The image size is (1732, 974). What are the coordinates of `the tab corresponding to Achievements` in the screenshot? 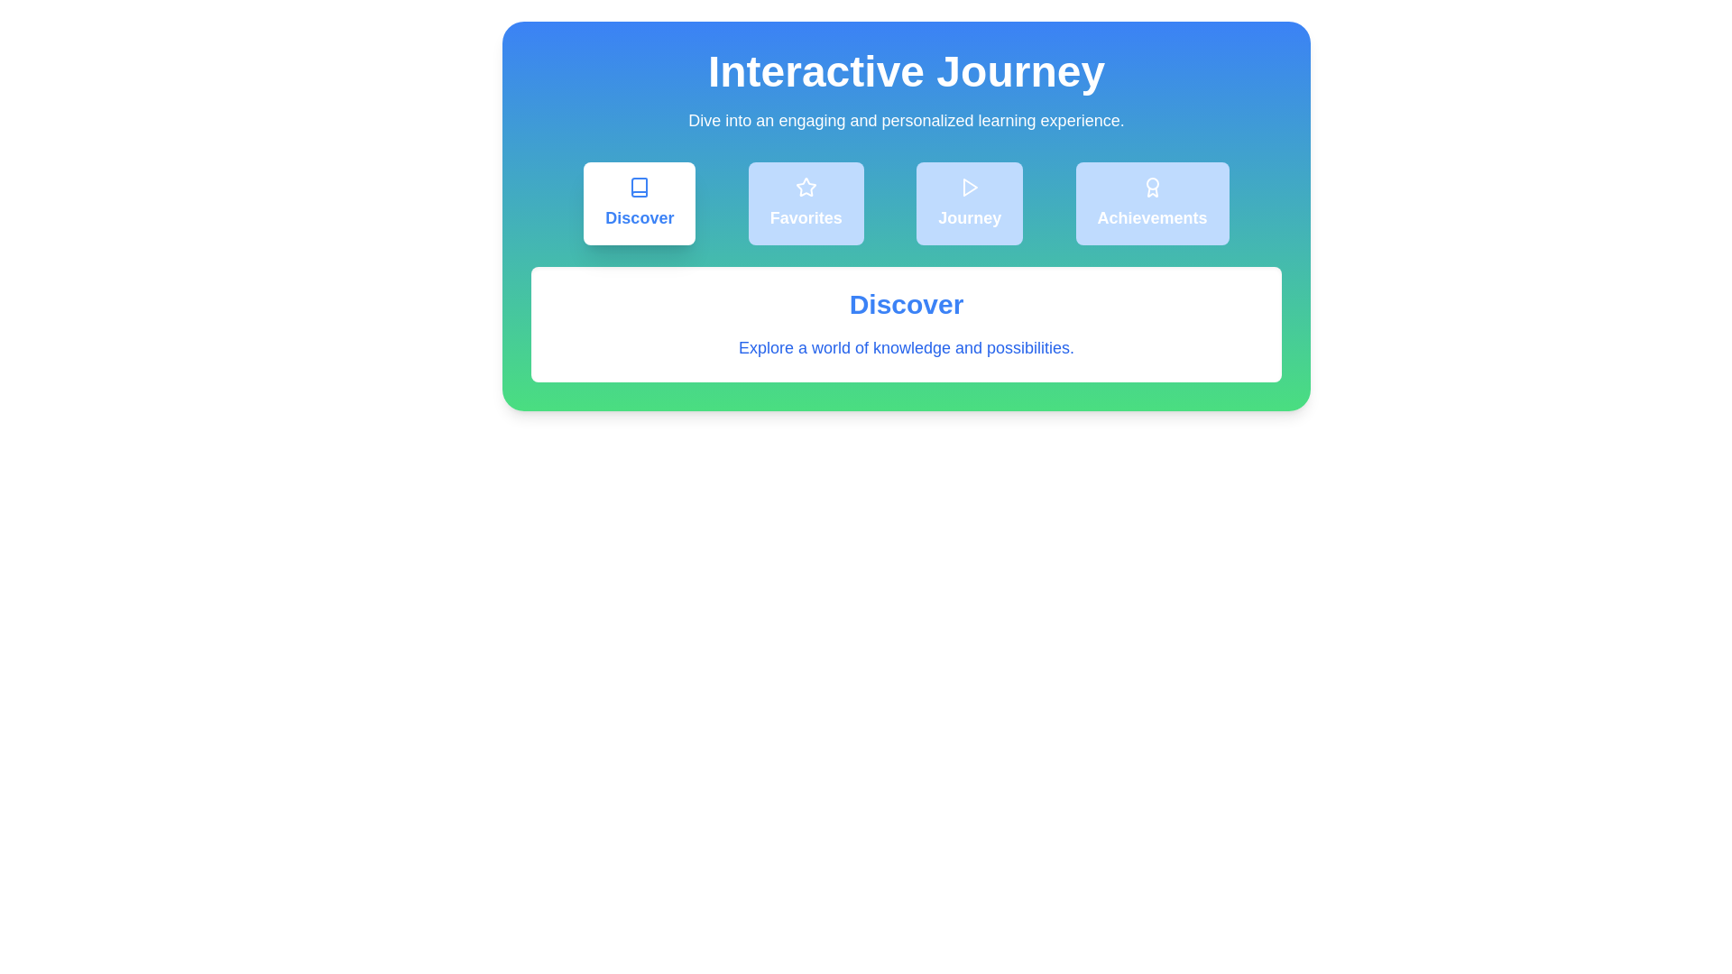 It's located at (1151, 203).